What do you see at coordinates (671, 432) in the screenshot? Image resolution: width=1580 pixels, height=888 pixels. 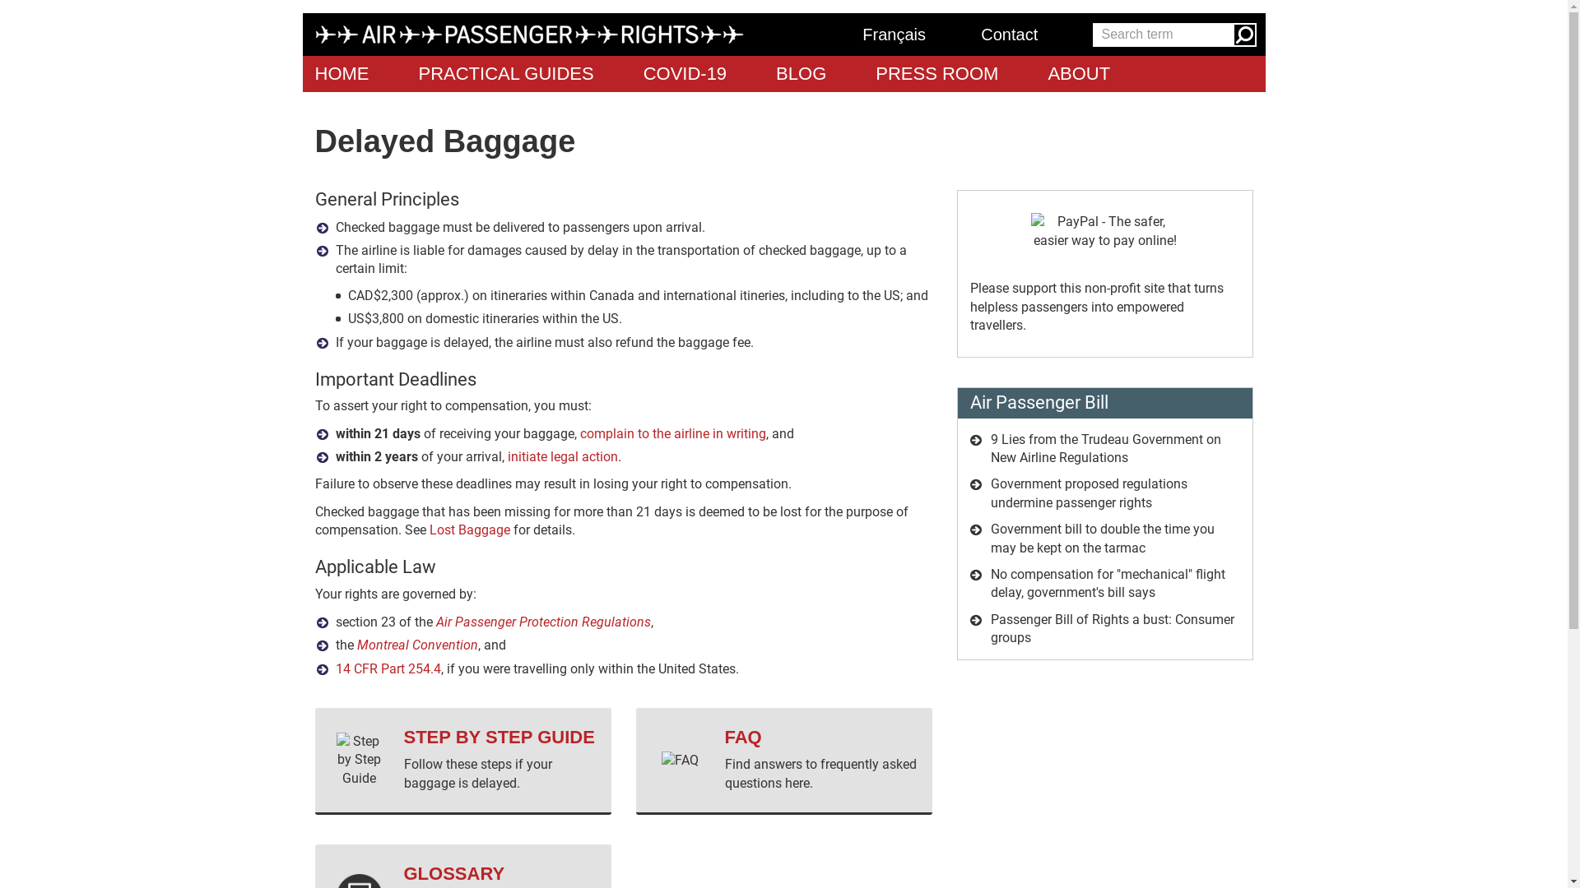 I see `'complain to the airline in writing'` at bounding box center [671, 432].